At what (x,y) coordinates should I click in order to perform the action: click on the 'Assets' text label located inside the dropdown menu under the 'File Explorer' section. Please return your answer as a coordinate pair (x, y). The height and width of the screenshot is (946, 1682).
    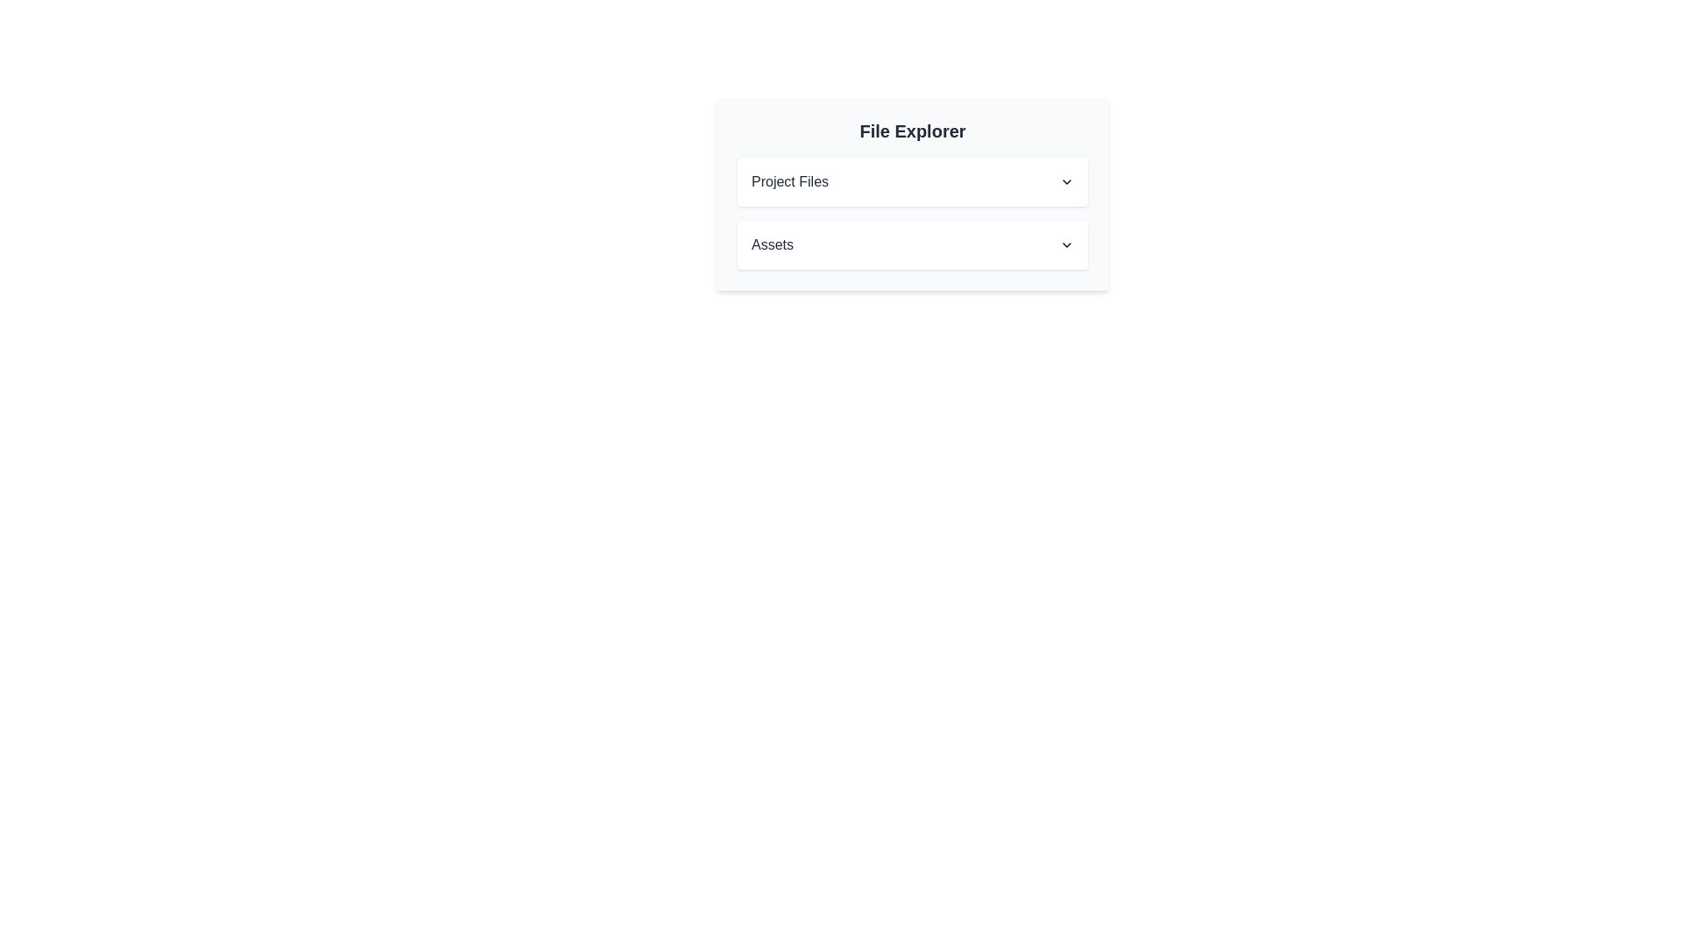
    Looking at the image, I should click on (772, 245).